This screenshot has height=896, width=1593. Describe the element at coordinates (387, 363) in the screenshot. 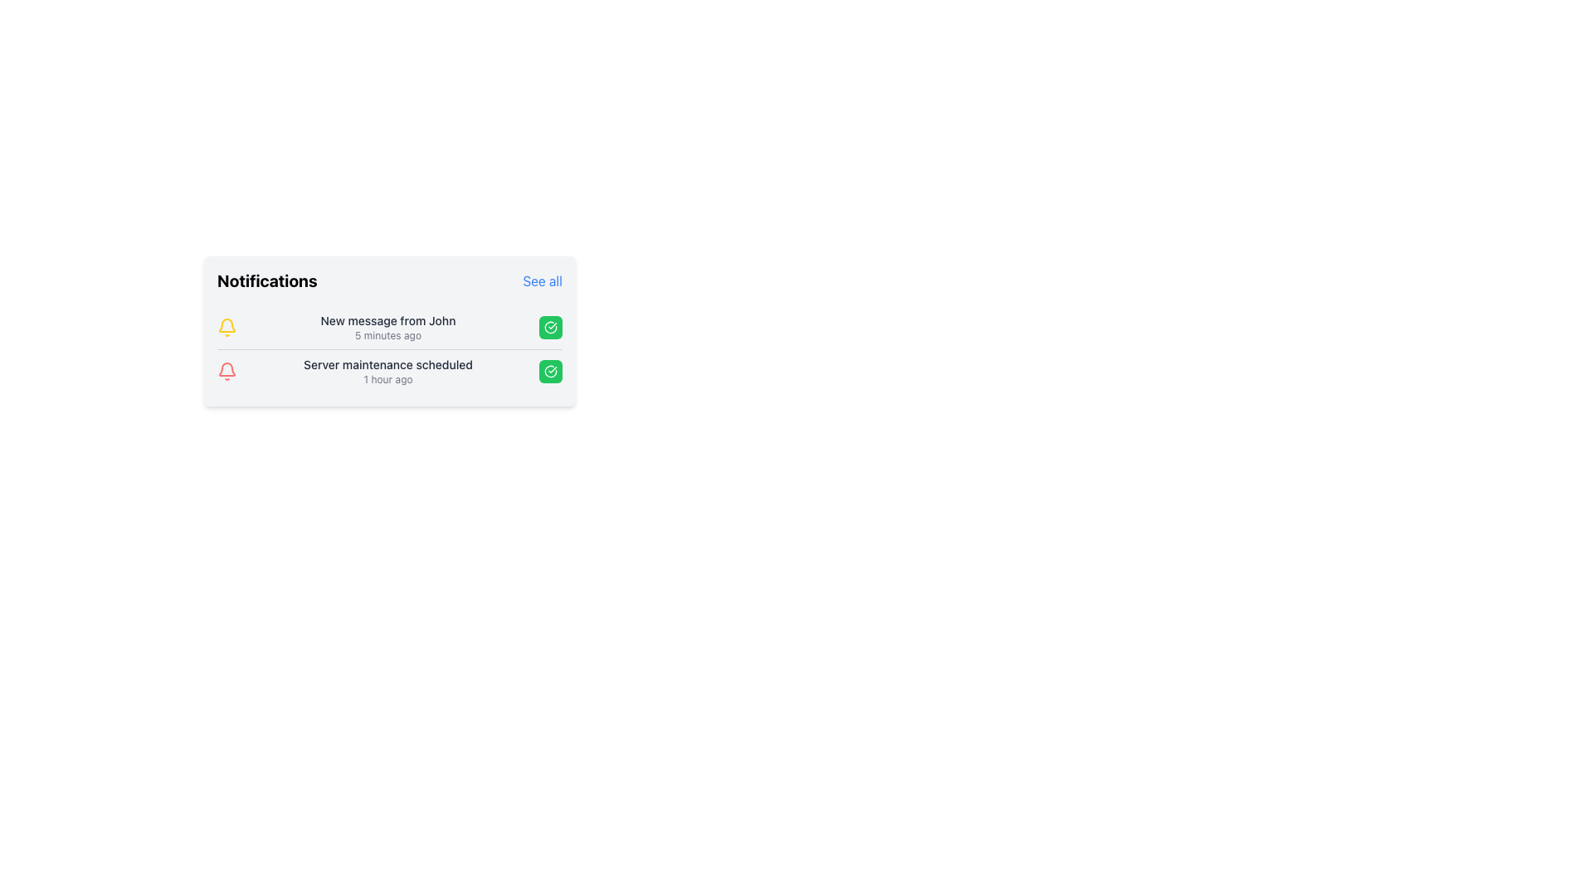

I see `the main content text of the notification that alerts the user about 'Server maintenance scheduled'` at that location.